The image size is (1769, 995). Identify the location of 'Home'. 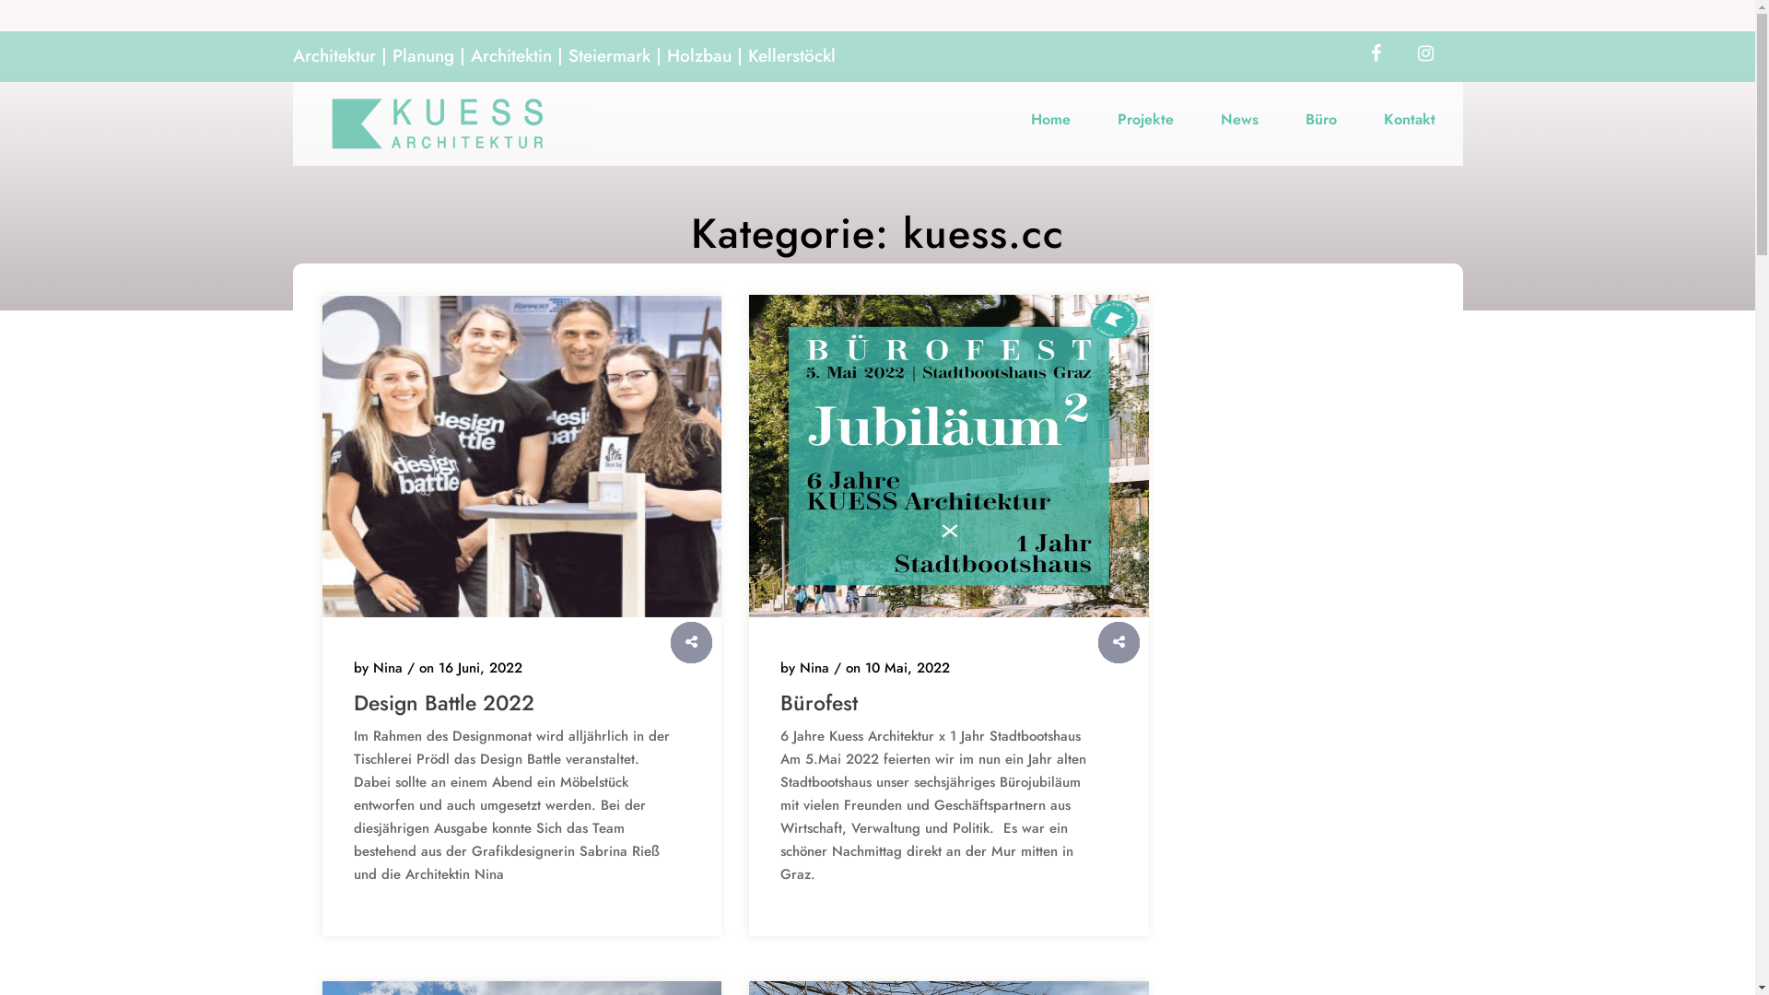
(1050, 118).